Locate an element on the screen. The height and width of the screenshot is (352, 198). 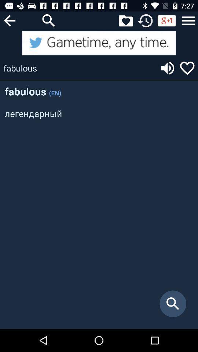
the favorite icon is located at coordinates (187, 68).